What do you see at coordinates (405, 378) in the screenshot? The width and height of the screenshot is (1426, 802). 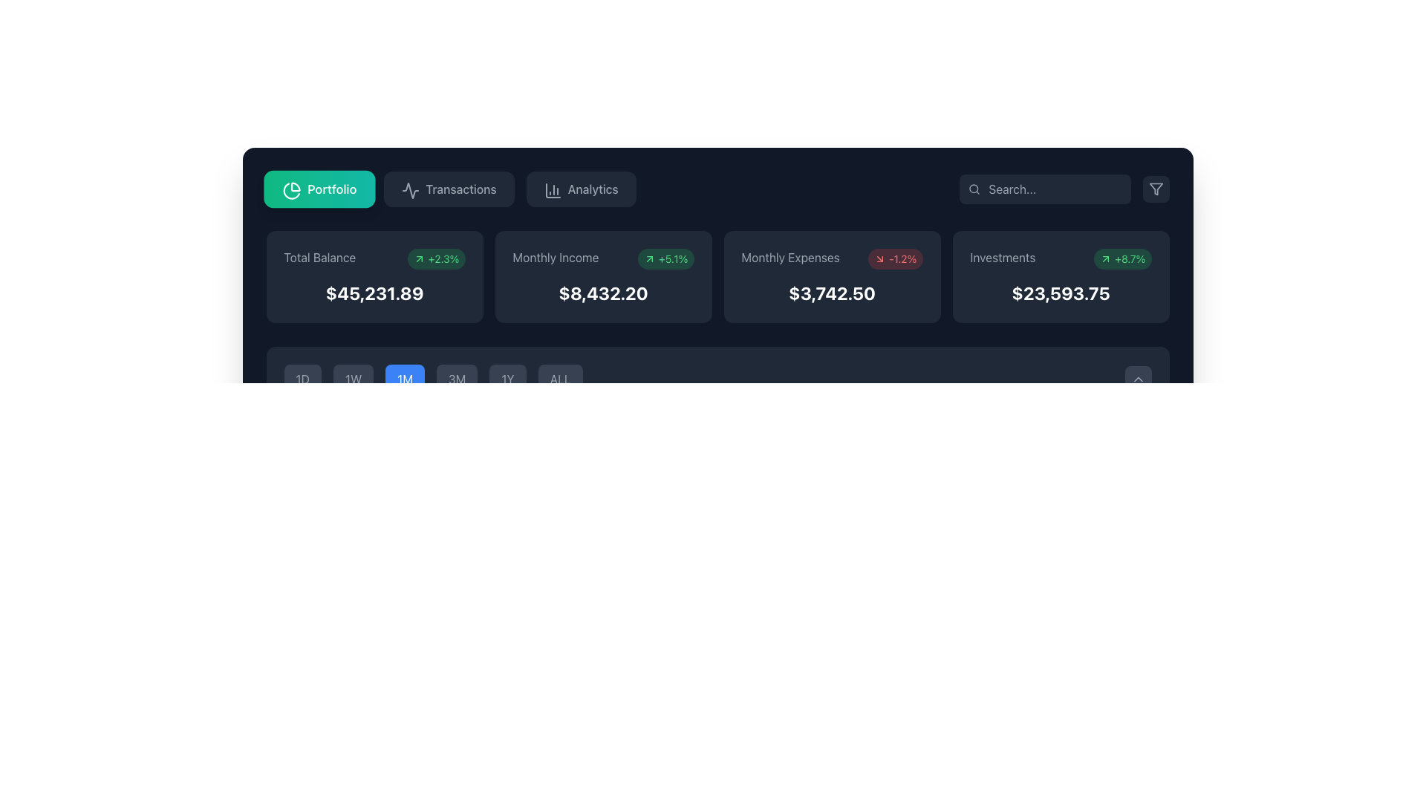 I see `the blue button labeled '1M'` at bounding box center [405, 378].